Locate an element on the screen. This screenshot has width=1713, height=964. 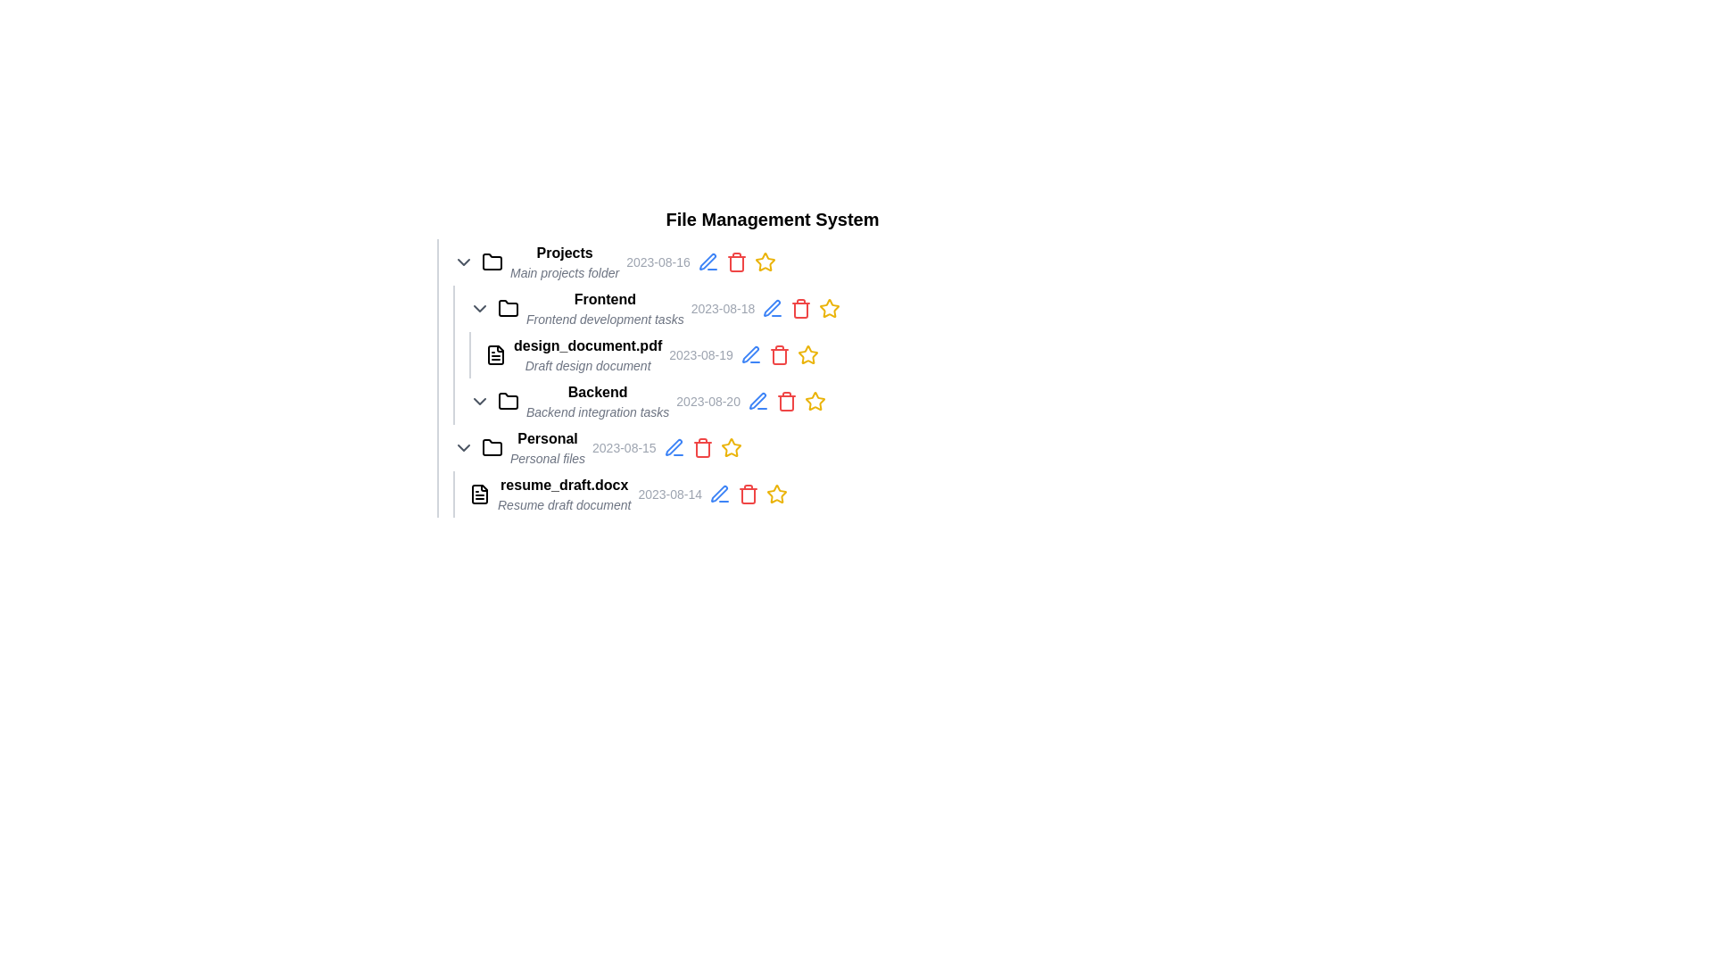
the red trash can icon button located in the 'Frontend' section is located at coordinates (800, 308).